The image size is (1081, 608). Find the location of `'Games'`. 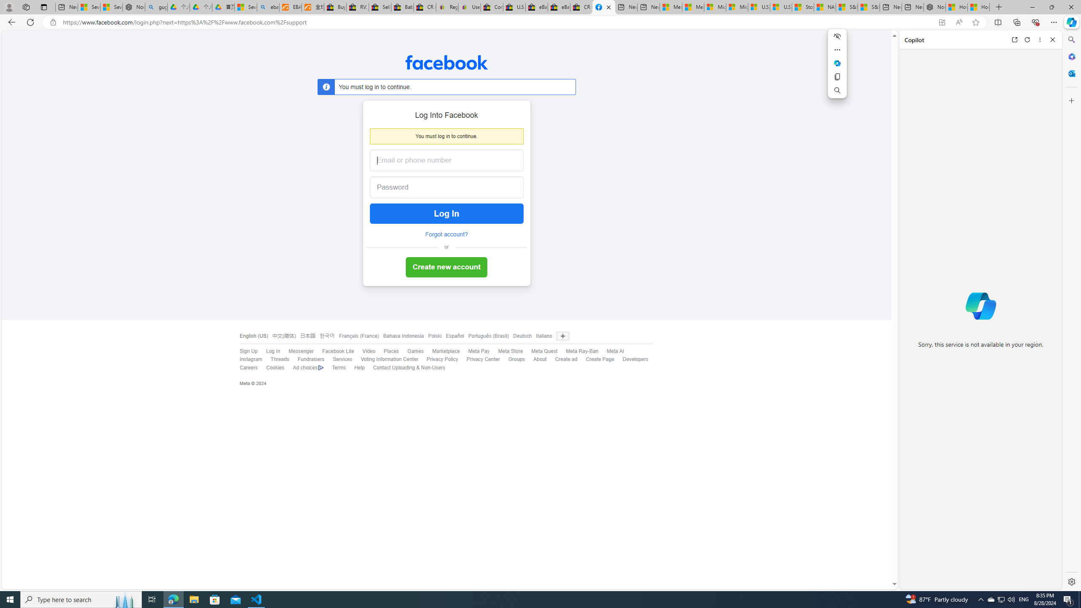

'Games' is located at coordinates (415, 351).